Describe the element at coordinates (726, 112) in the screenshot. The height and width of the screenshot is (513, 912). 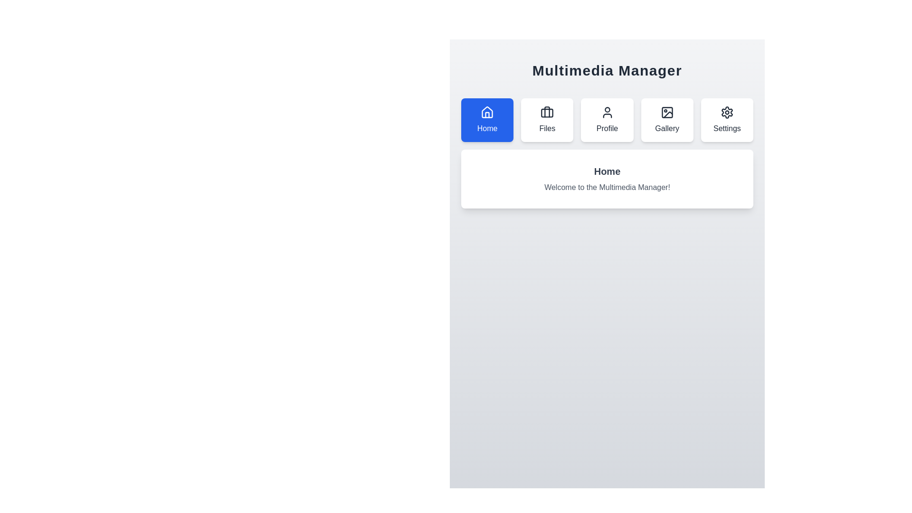
I see `the settings icon button` at that location.